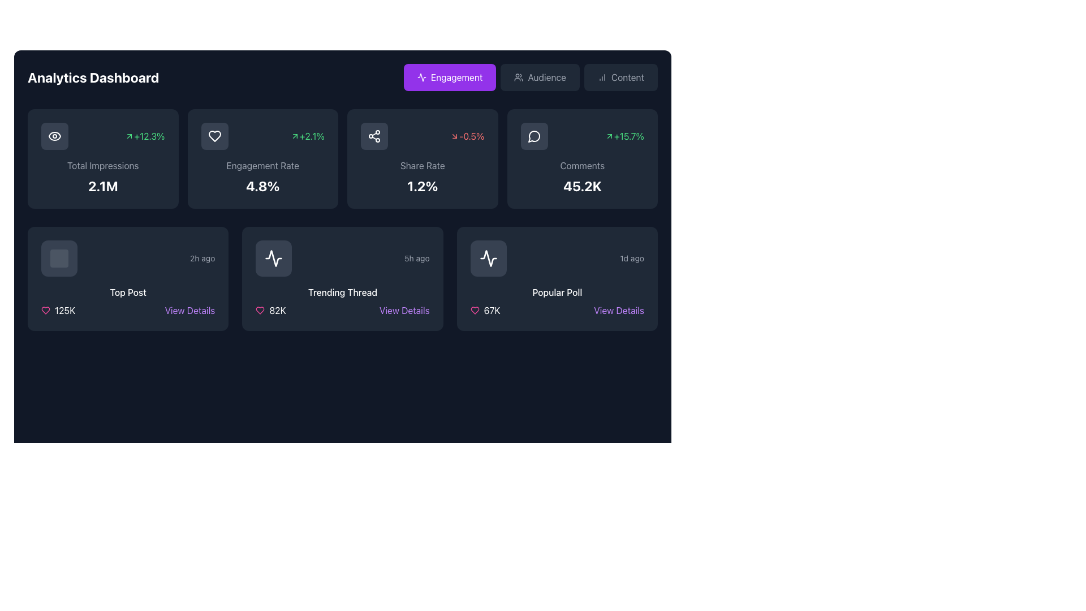  I want to click on the 'Audience' button in the top right area of the Analytics Dashboard header, so click(530, 77).